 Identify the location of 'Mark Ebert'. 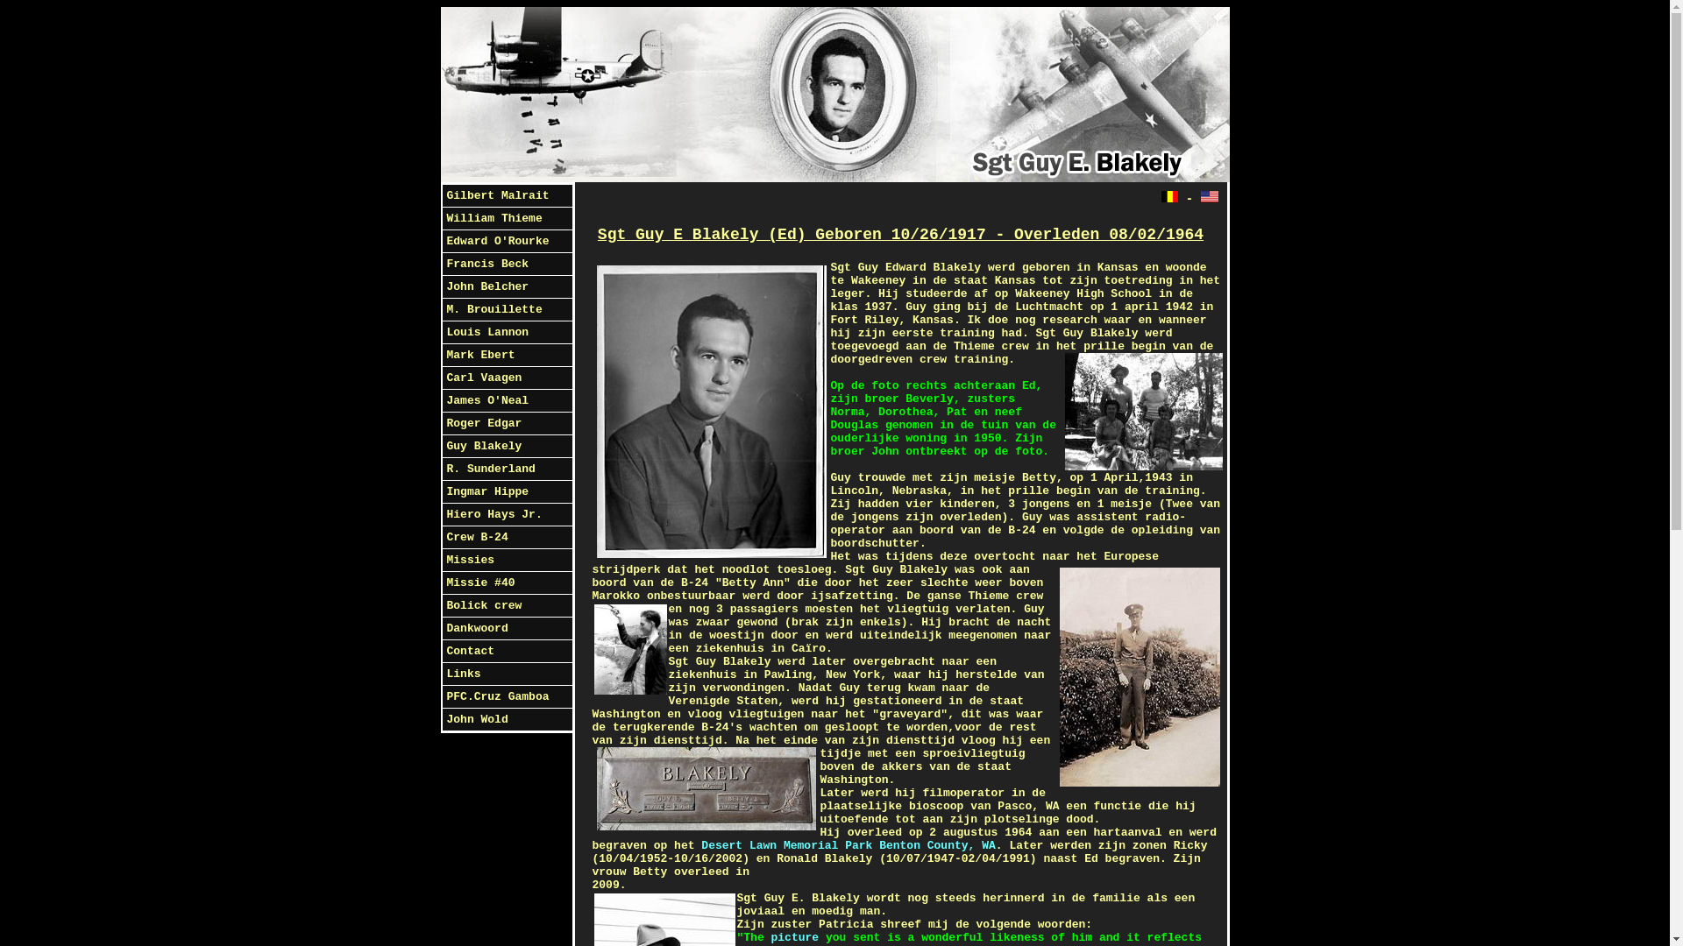
(442, 355).